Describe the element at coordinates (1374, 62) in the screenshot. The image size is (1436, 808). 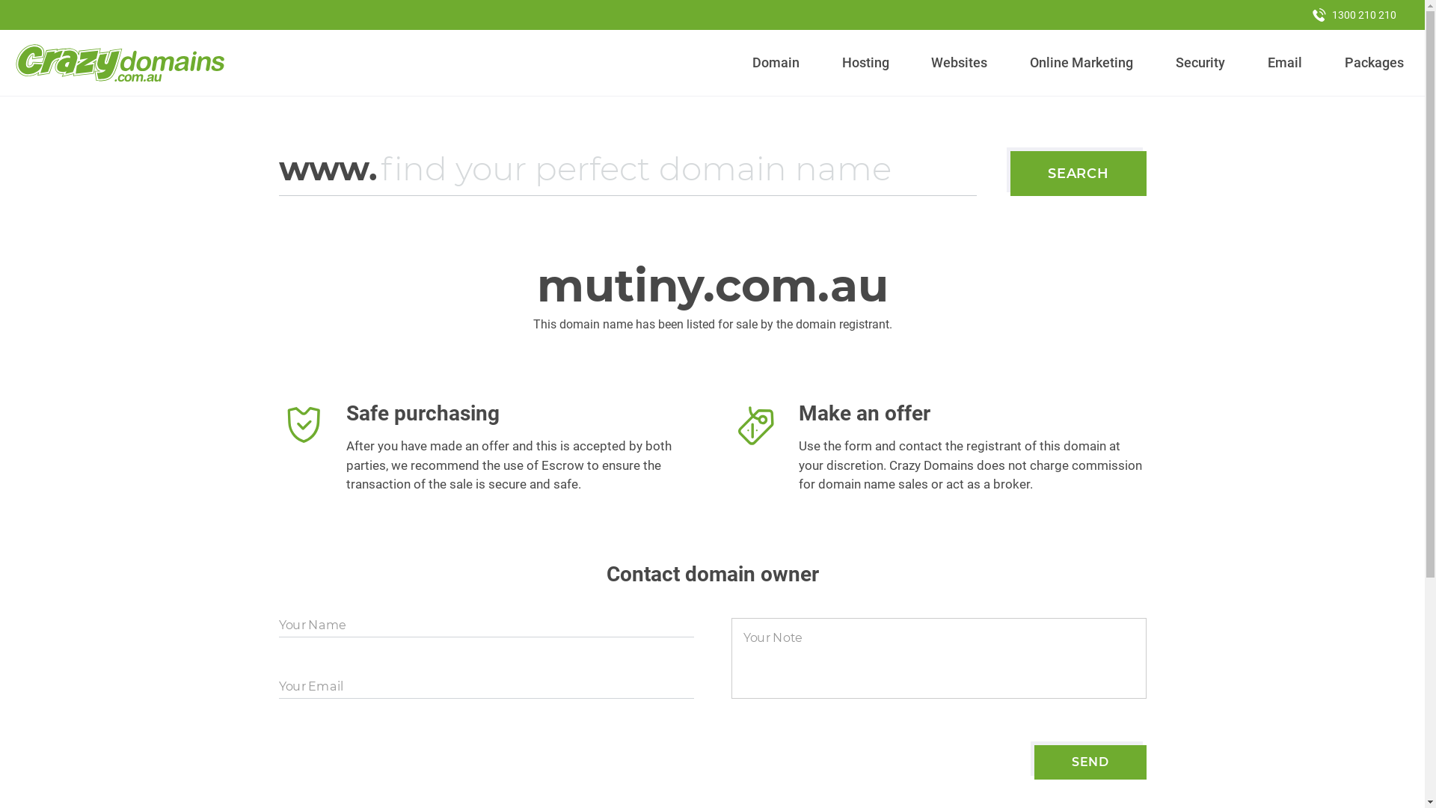
I see `'Packages'` at that location.